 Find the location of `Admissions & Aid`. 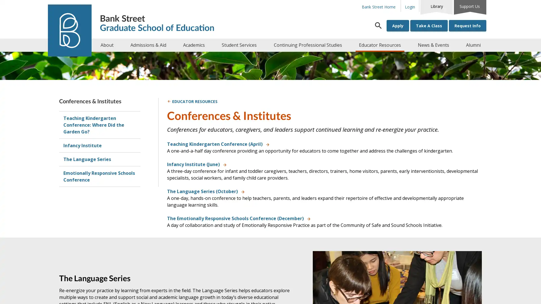

Admissions & Aid is located at coordinates (148, 45).